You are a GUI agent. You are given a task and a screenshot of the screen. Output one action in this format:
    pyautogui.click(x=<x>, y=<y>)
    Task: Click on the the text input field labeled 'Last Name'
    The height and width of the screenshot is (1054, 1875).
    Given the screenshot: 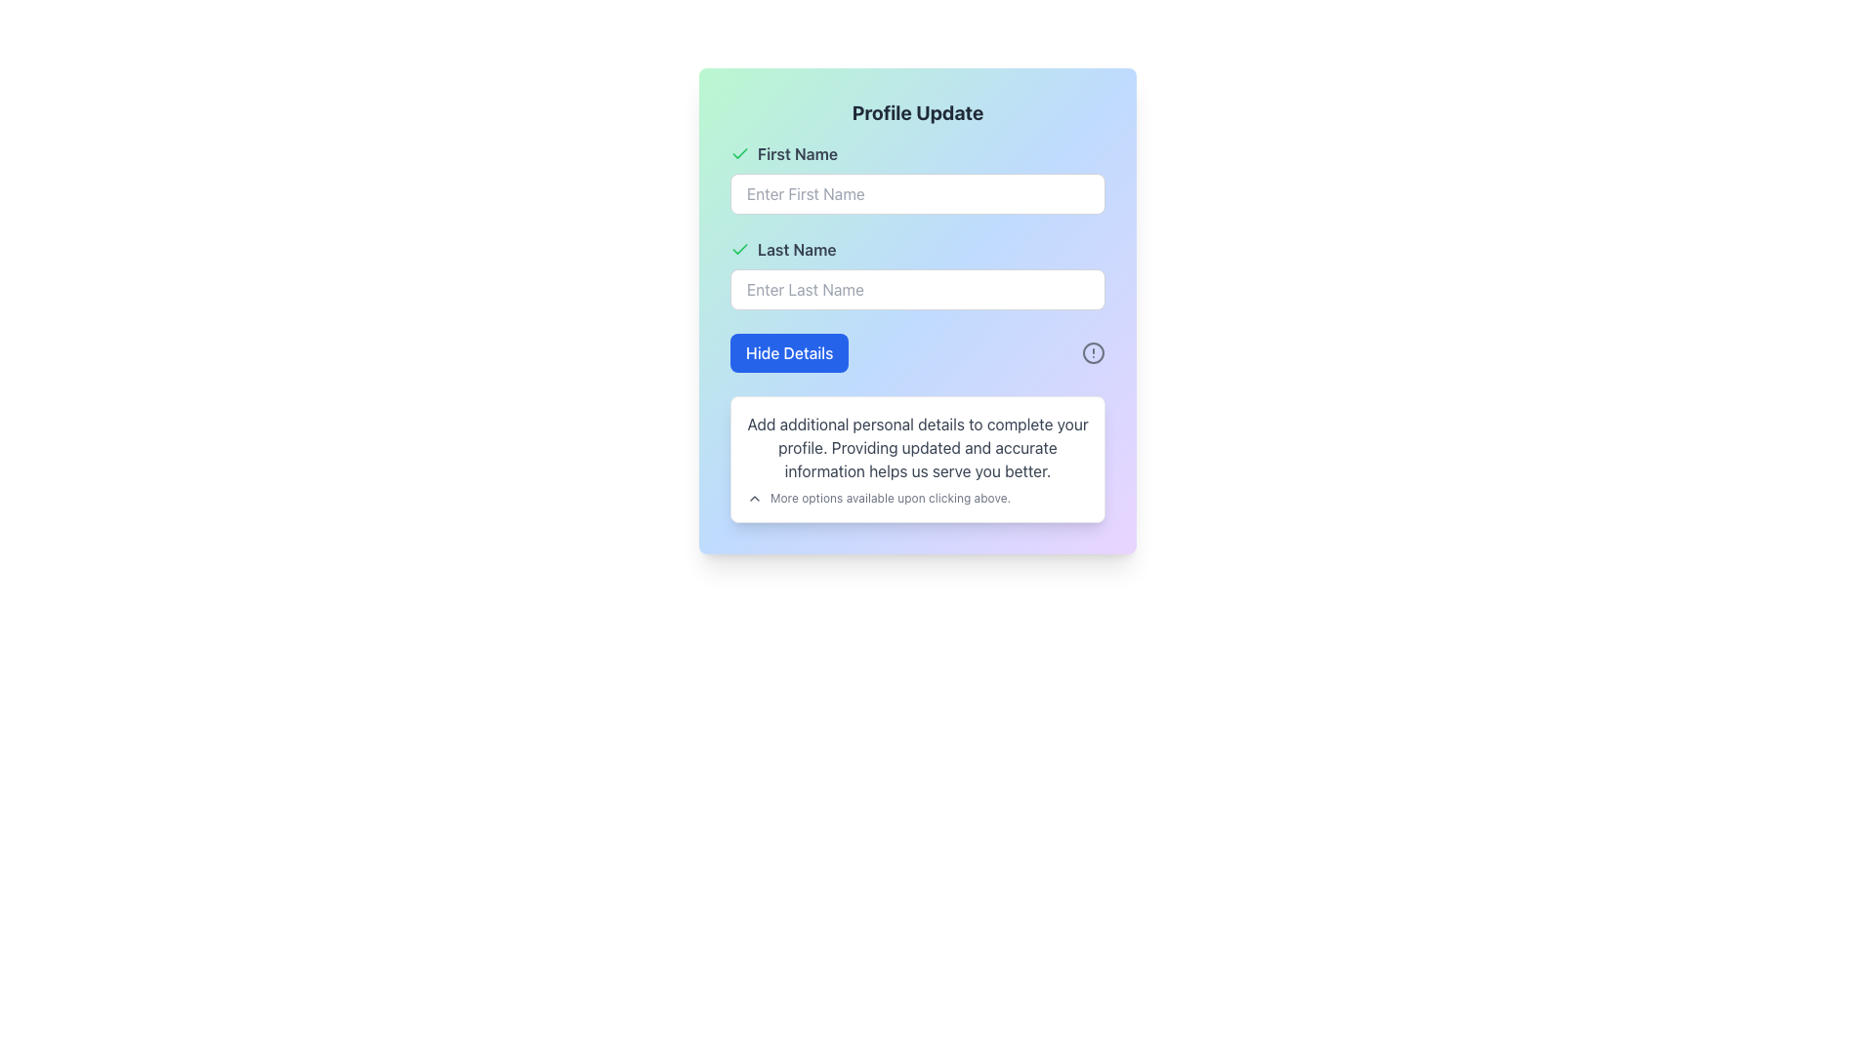 What is the action you would take?
    pyautogui.click(x=917, y=274)
    